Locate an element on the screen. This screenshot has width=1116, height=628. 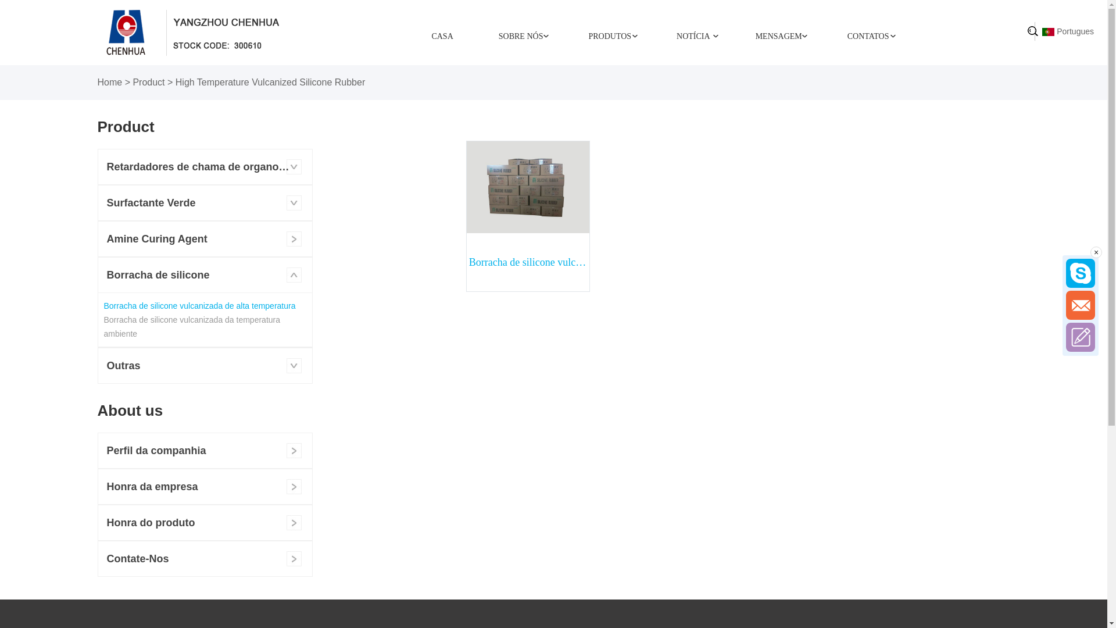
'Borracha de silicone vulcanizada da temperatura ambiente' is located at coordinates (192, 327).